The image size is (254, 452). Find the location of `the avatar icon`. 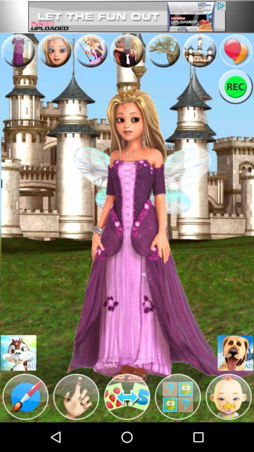

the avatar icon is located at coordinates (228, 425).